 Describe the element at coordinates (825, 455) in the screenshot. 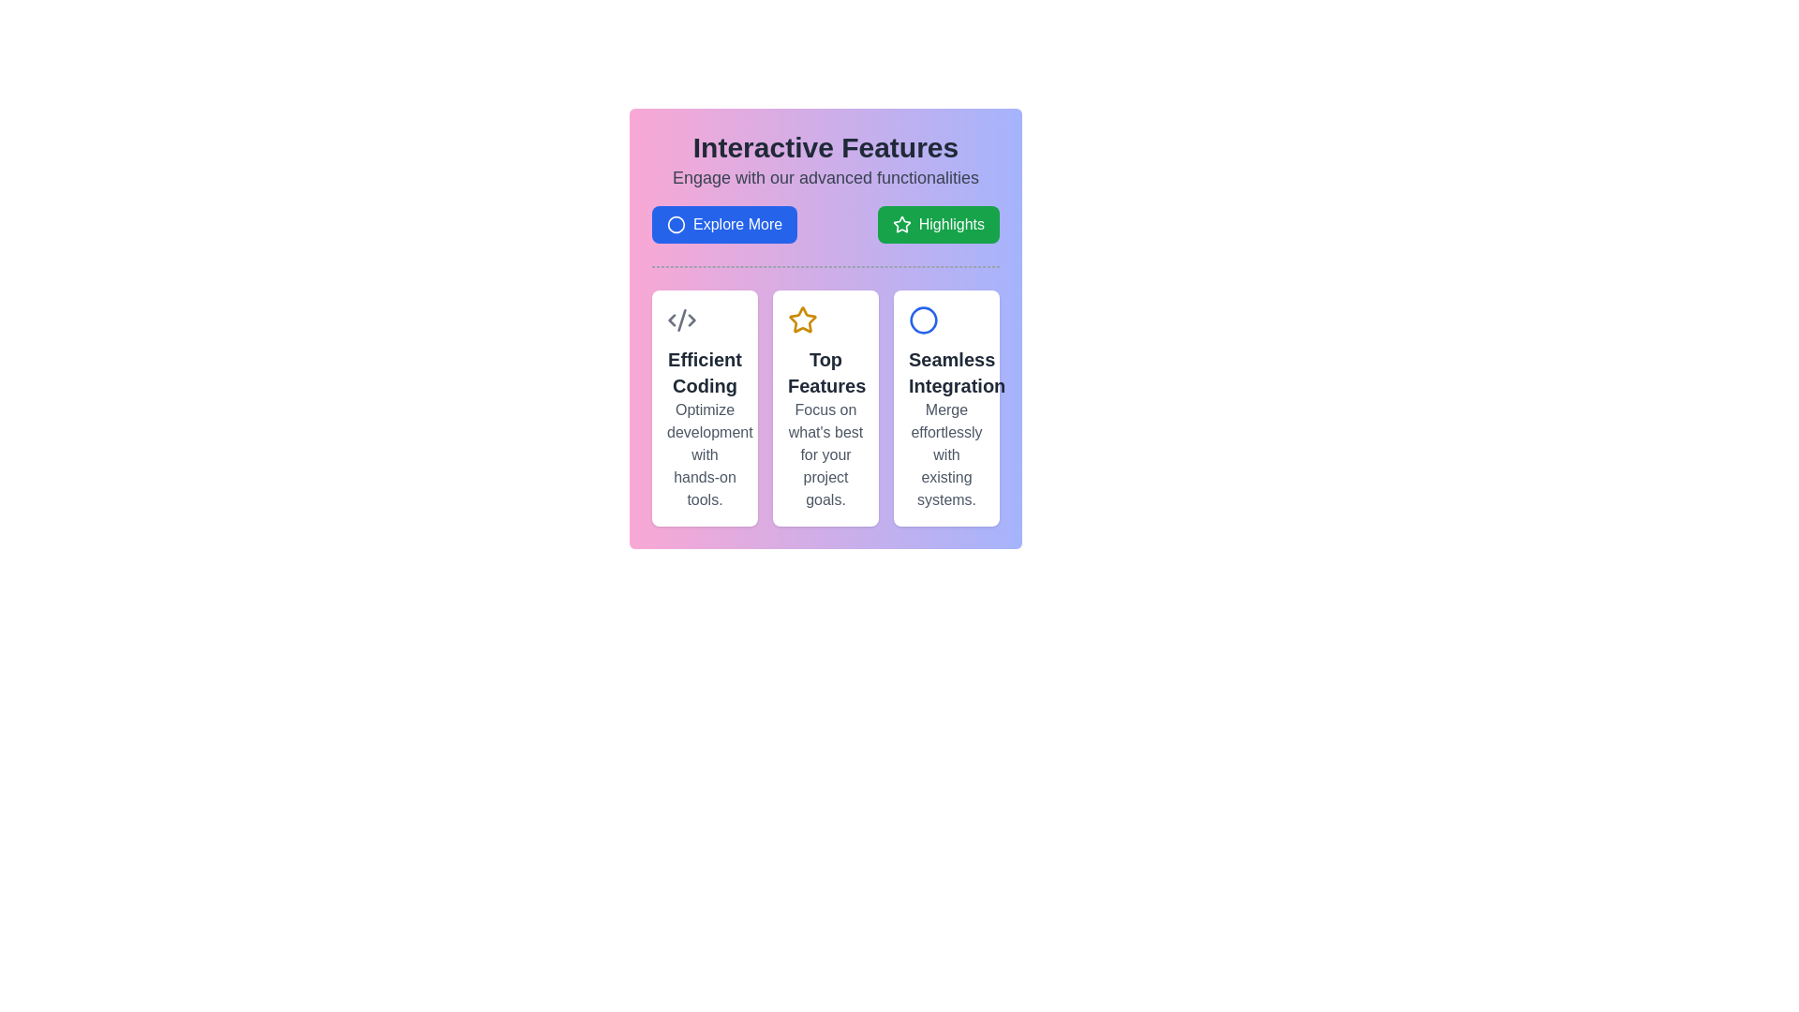

I see `text element displaying the phrase 'Focus on what's best for your project goals.' which is styled in gray and located below the bold title 'Top Features.'` at that location.